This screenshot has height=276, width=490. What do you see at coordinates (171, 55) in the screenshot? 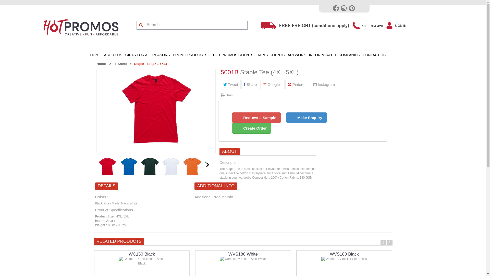
I see `'PROMO PRODUCTS'` at bounding box center [171, 55].